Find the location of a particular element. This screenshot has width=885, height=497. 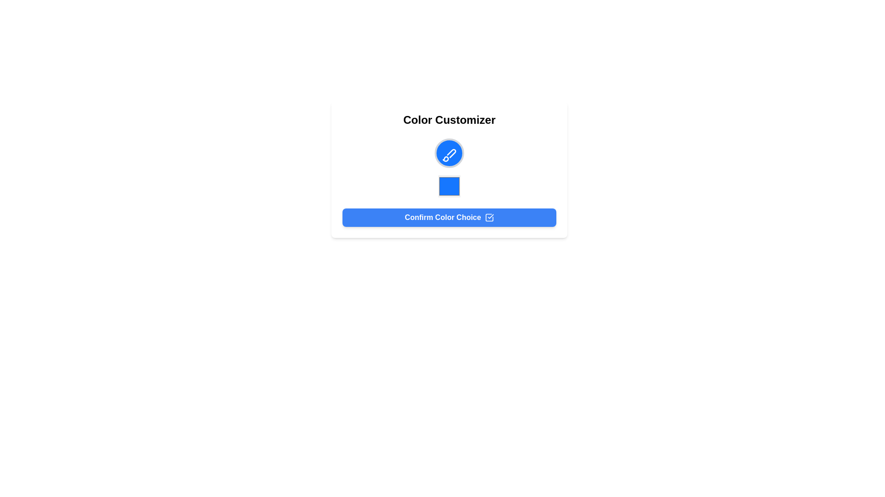

the title text element located at the top of its containing card, which serves as the heading for the interactive interface is located at coordinates (449, 120).